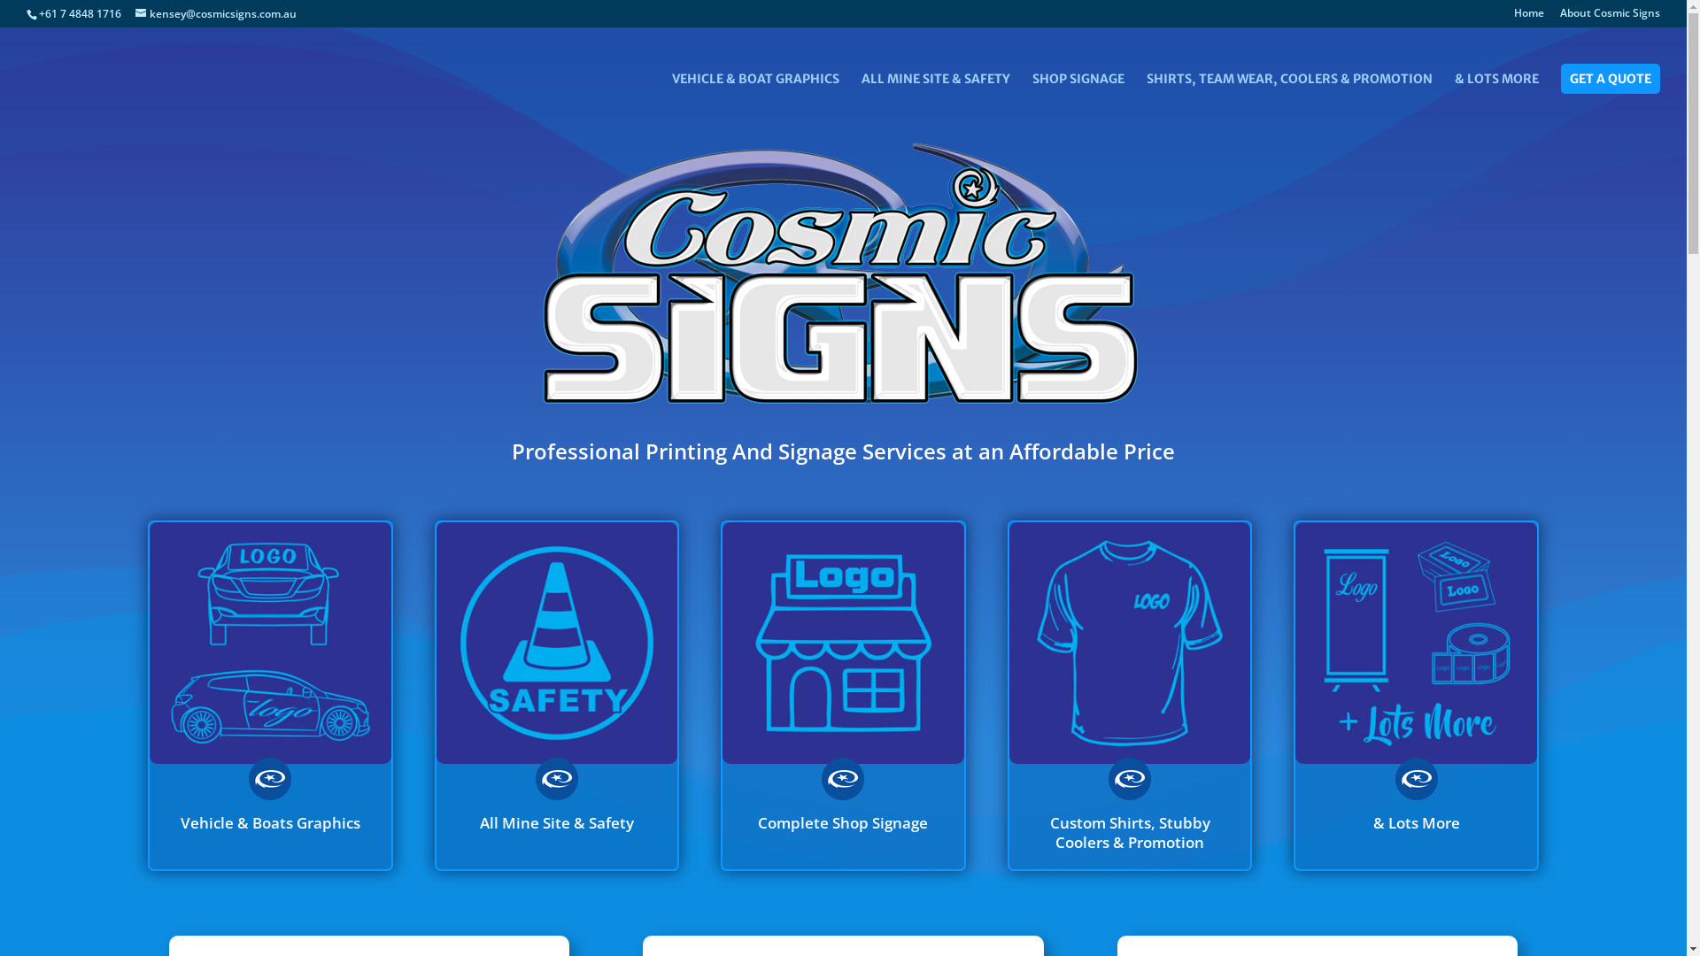  Describe the element at coordinates (1129, 642) in the screenshot. I see `'COSMIC-ICON-Custom-Shirts'` at that location.